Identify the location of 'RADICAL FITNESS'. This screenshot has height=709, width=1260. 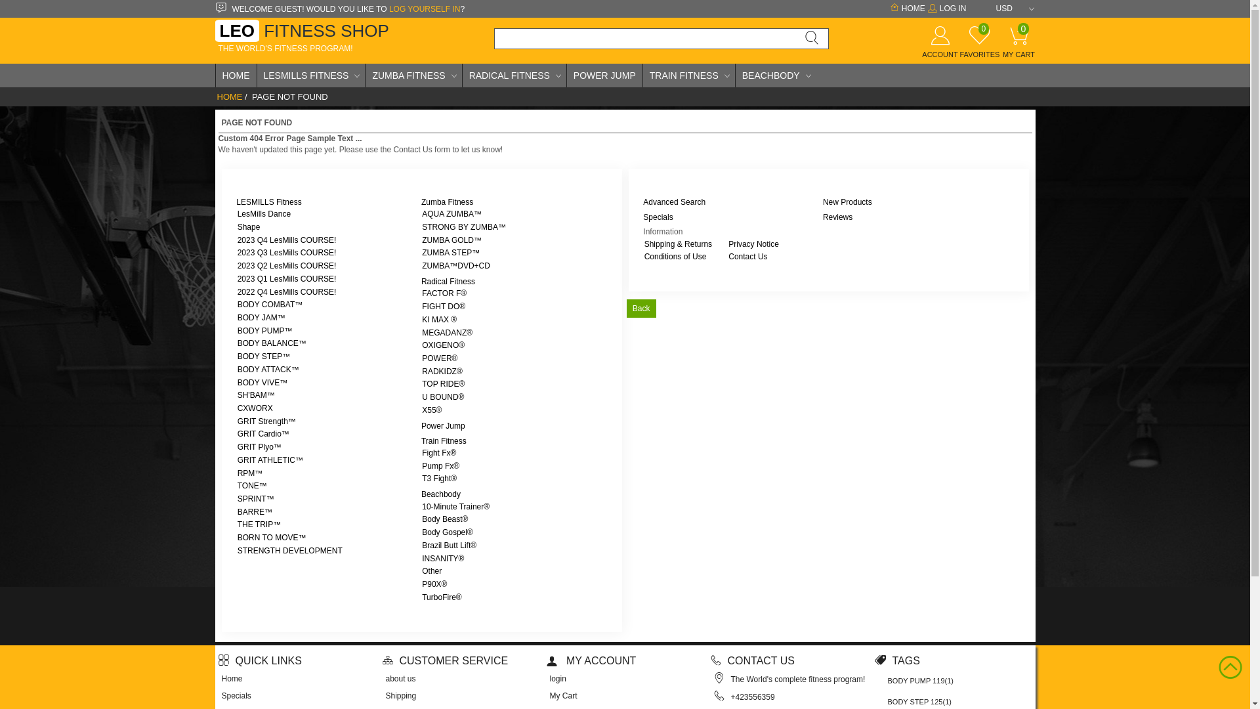
(463, 75).